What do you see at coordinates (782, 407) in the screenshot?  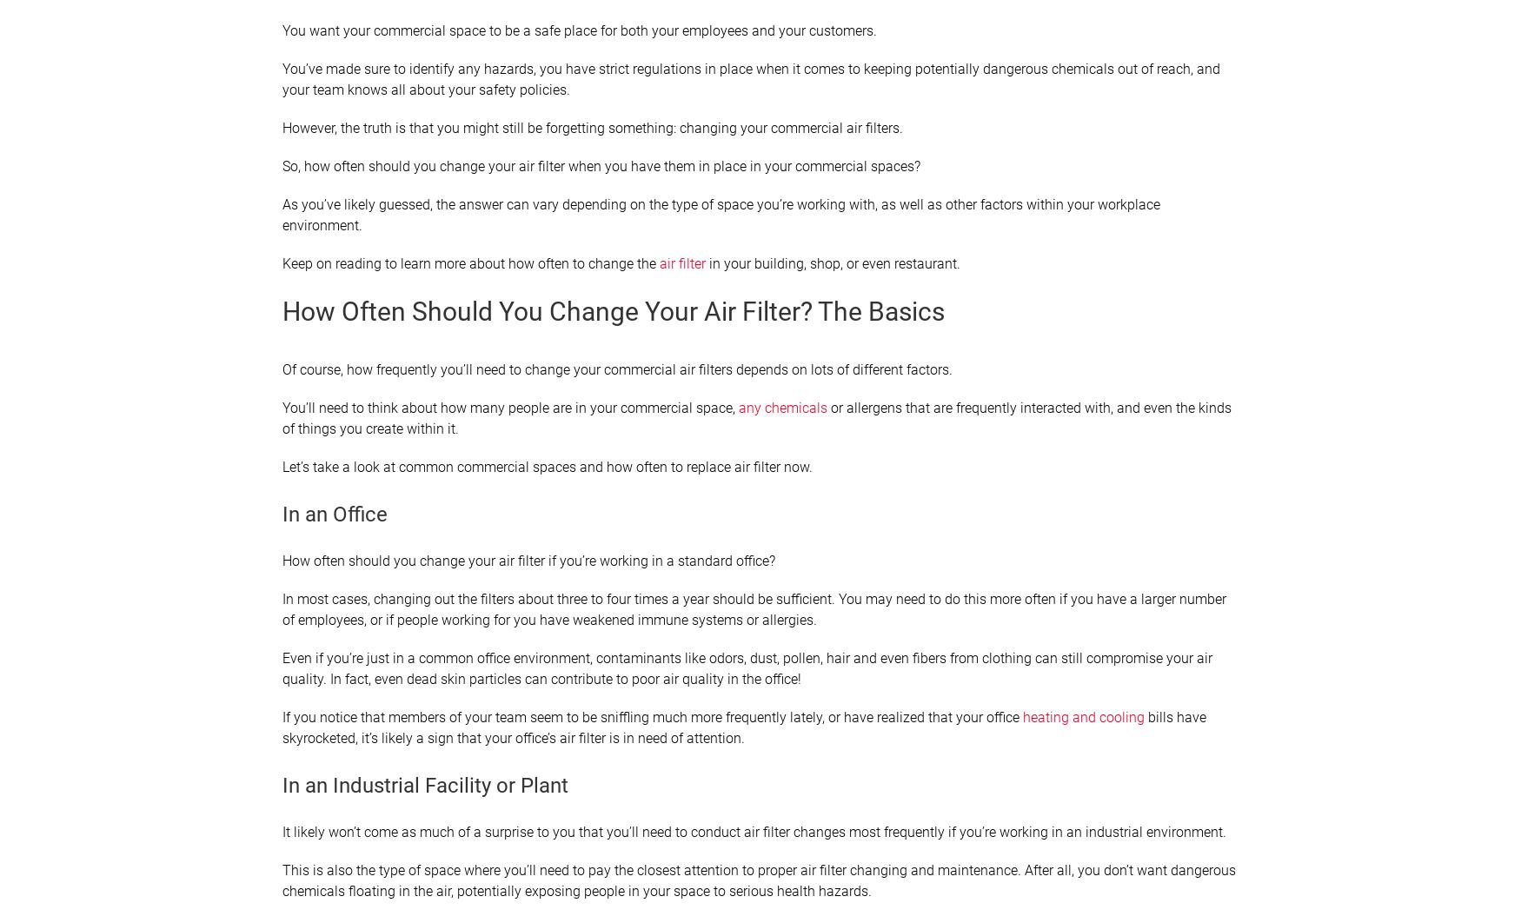 I see `'any chemicals'` at bounding box center [782, 407].